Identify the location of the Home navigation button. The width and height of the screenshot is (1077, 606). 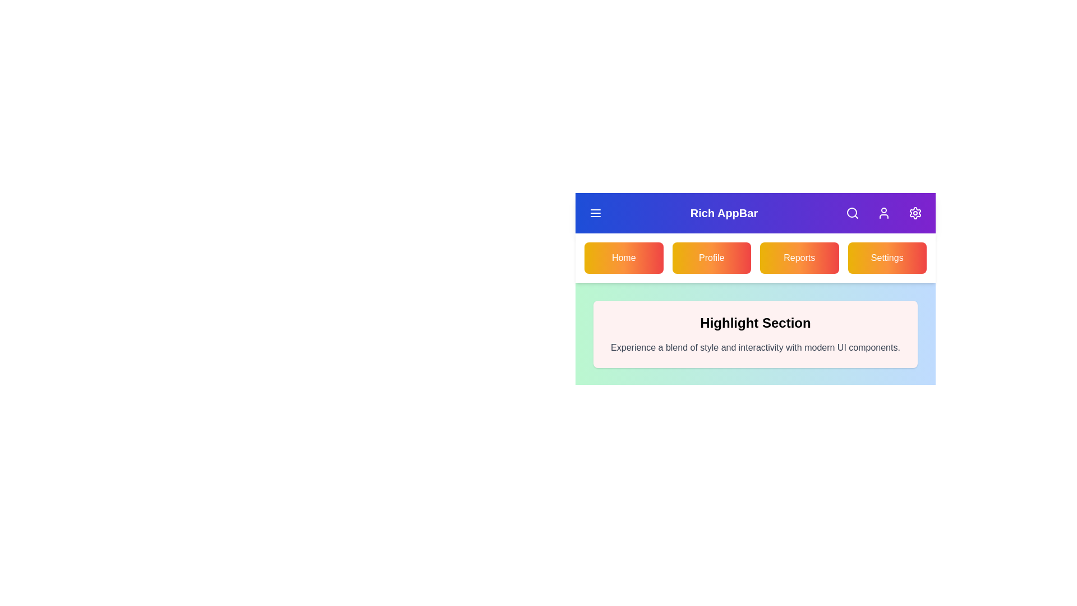
(623, 258).